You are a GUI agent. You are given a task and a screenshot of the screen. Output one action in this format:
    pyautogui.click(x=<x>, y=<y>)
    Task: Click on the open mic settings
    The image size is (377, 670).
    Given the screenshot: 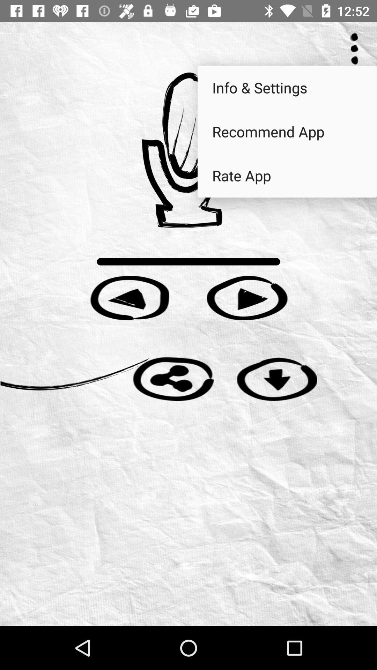 What is the action you would take?
    pyautogui.click(x=188, y=150)
    